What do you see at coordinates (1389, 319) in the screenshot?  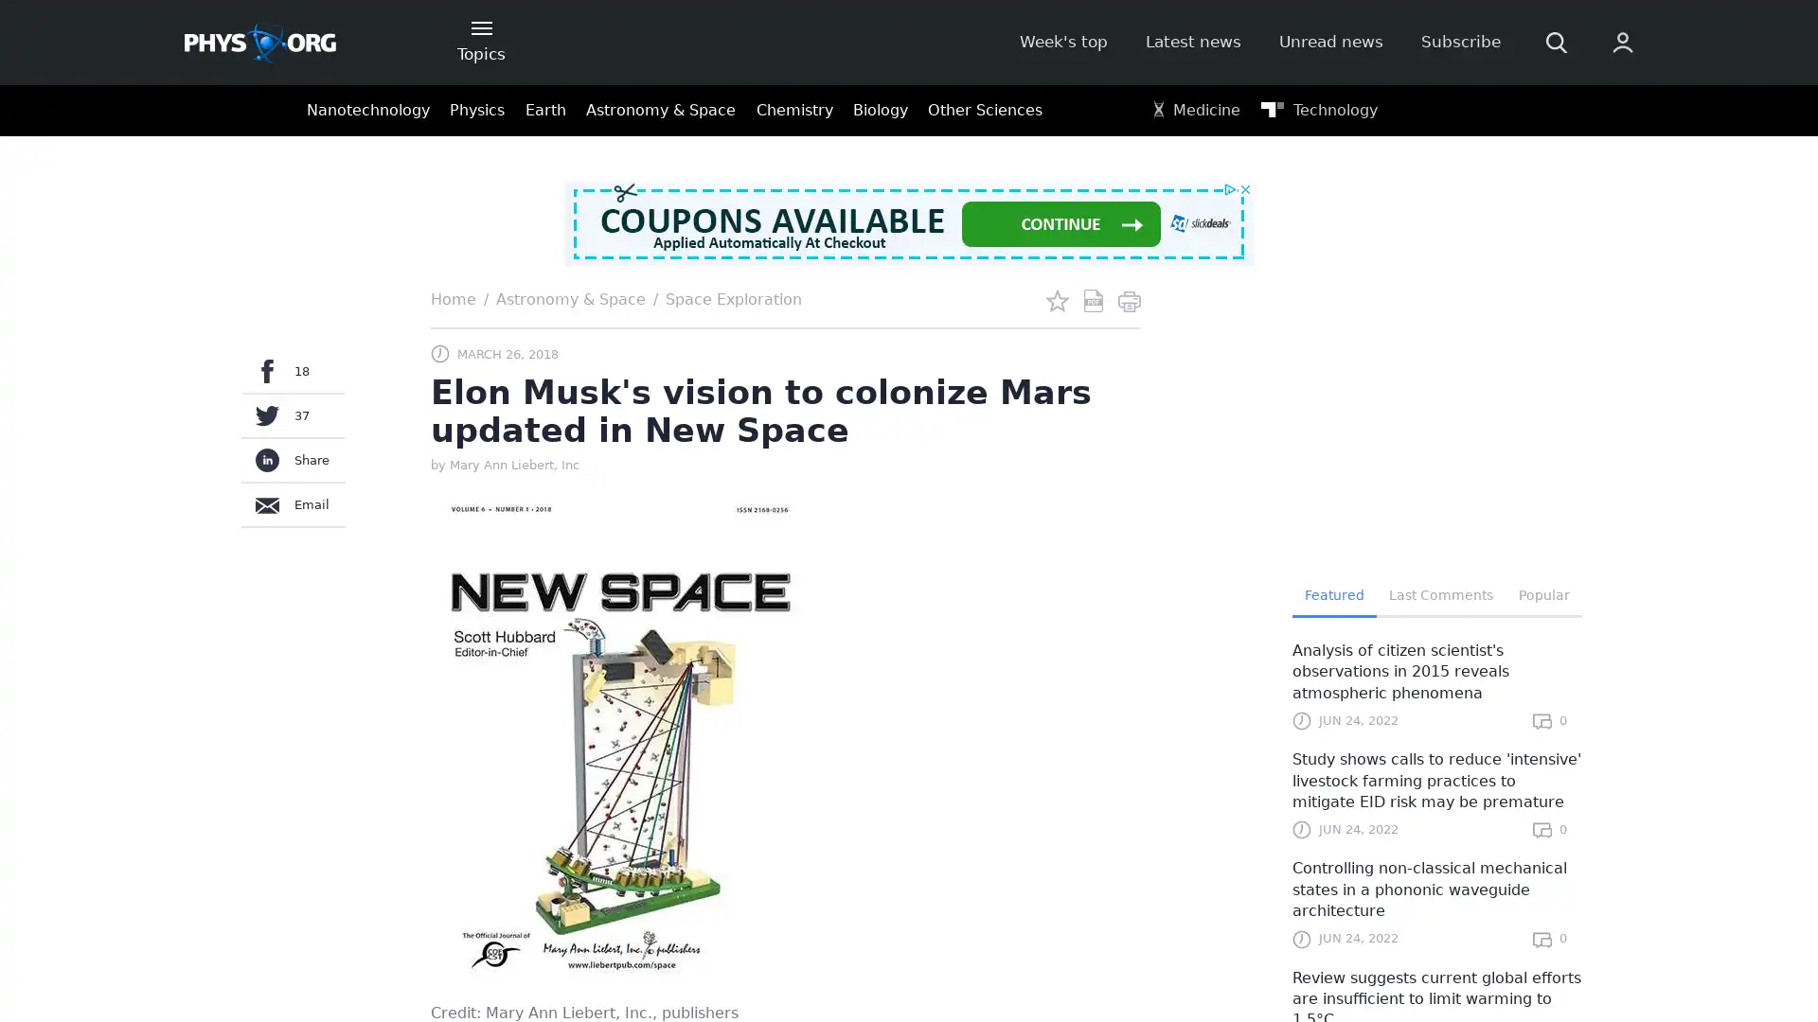 I see `Sign In` at bounding box center [1389, 319].